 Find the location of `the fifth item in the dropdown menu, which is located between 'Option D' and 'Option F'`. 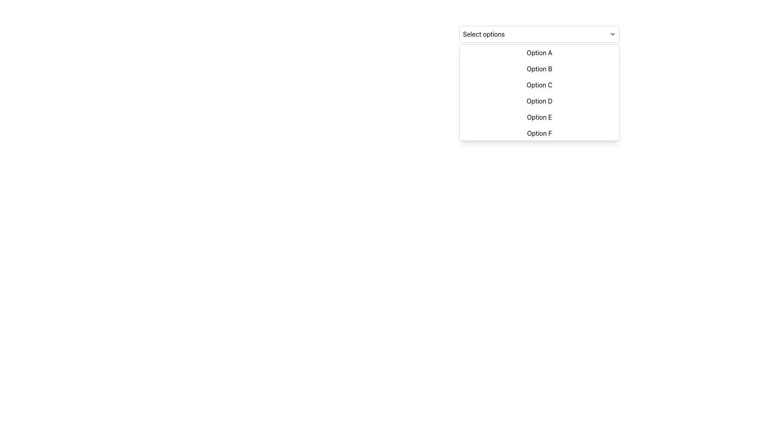

the fifth item in the dropdown menu, which is located between 'Option D' and 'Option F' is located at coordinates (539, 117).